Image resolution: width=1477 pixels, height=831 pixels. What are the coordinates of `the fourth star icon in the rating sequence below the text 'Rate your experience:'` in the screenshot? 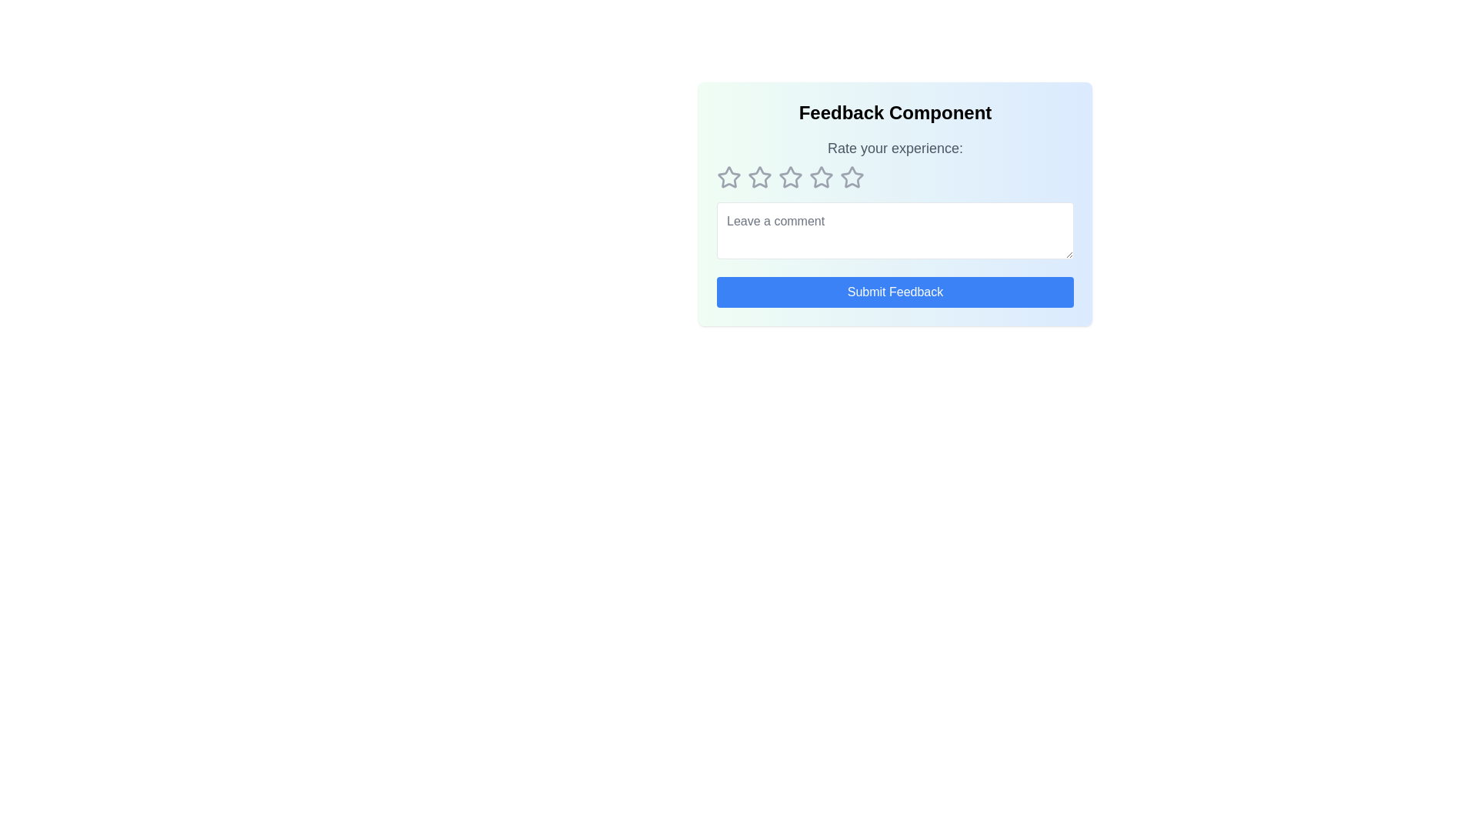 It's located at (852, 177).